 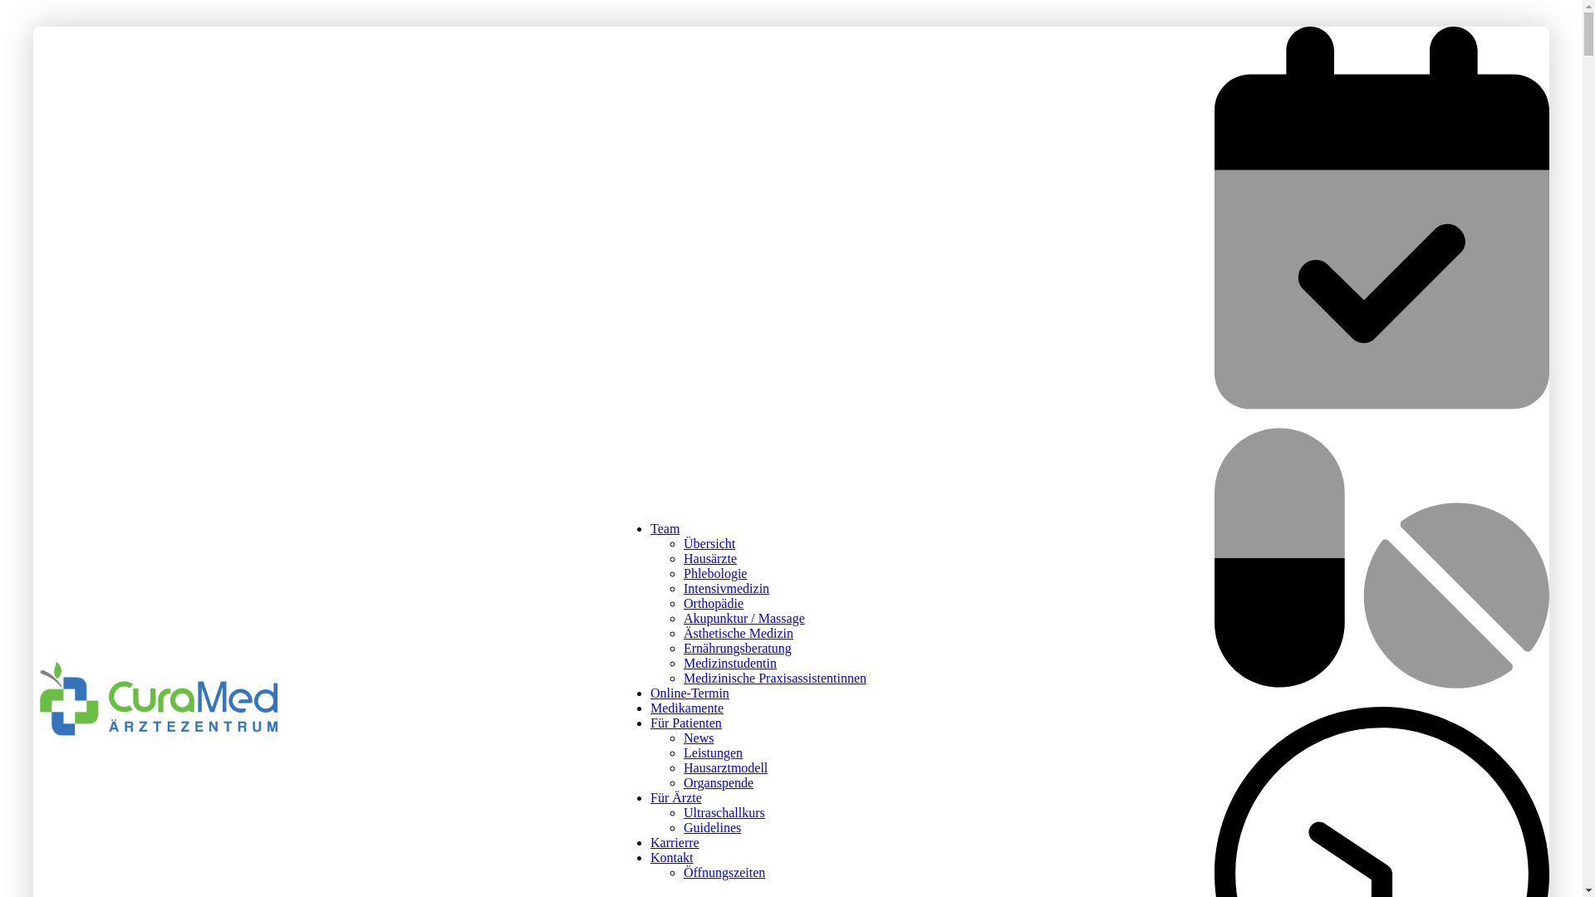 I want to click on 'Medizinische Praxisassistentinnen', so click(x=773, y=678).